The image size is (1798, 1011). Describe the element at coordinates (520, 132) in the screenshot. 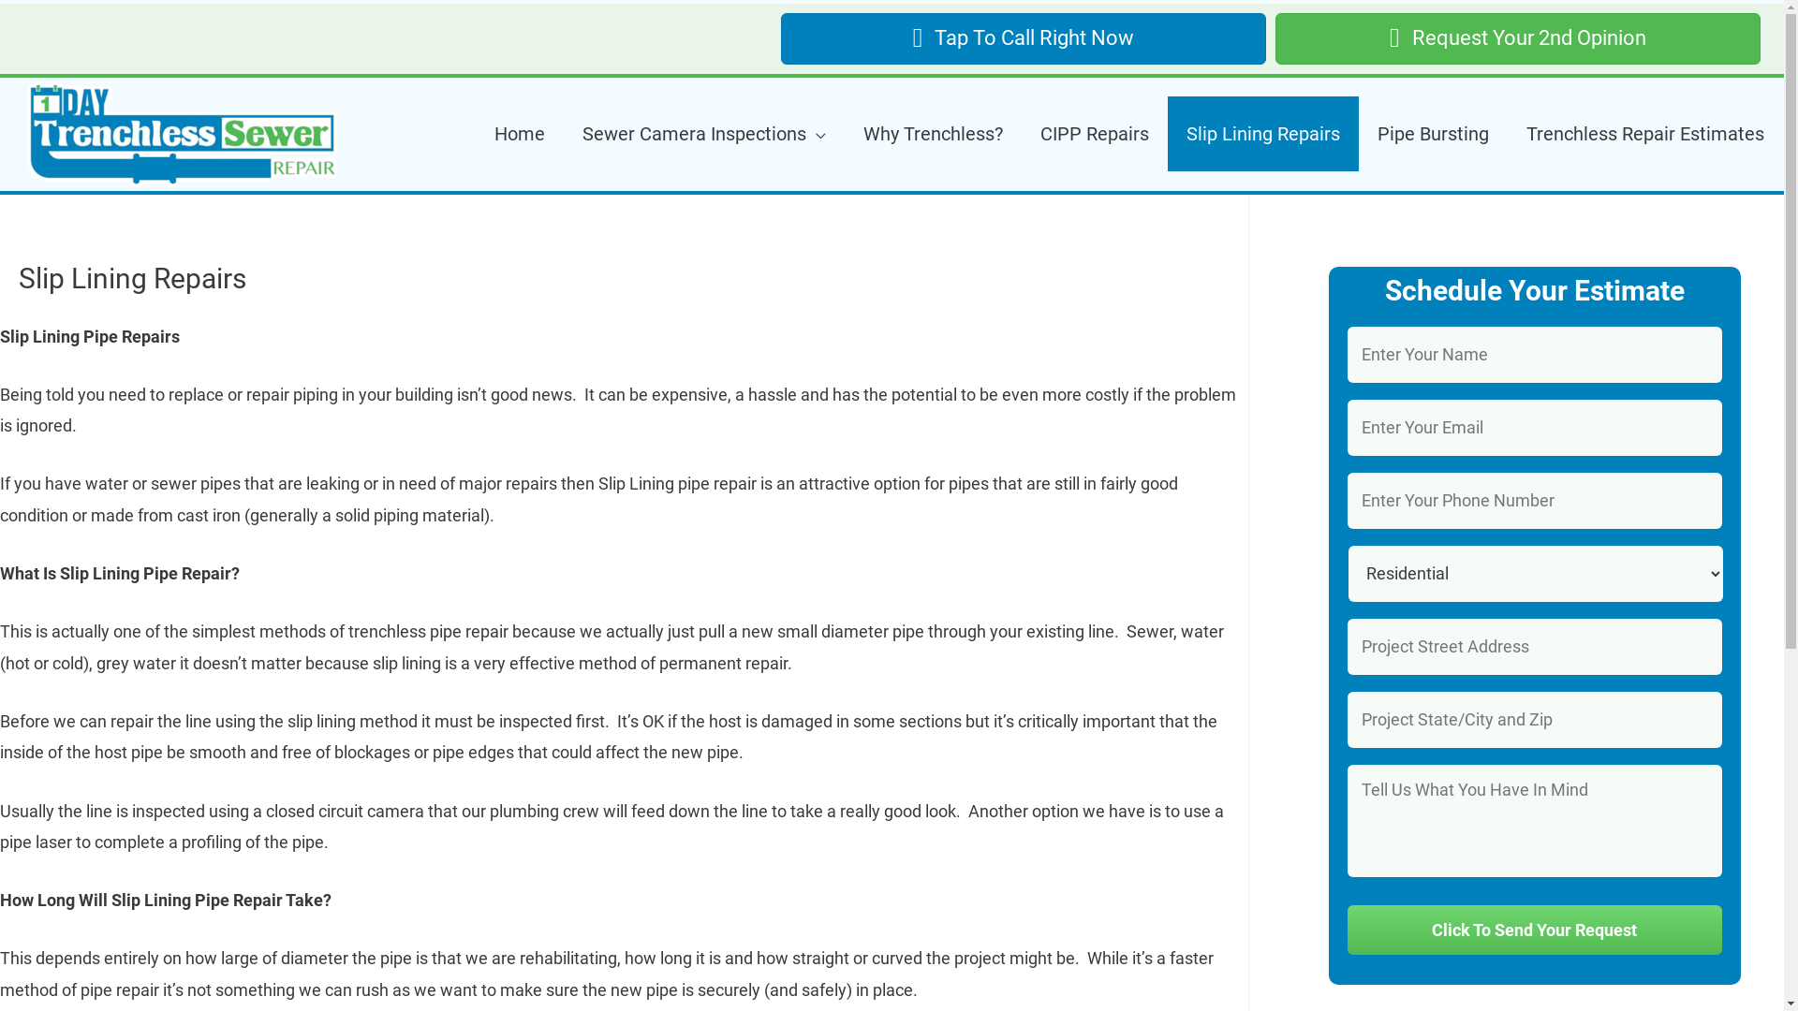

I see `'Home'` at that location.